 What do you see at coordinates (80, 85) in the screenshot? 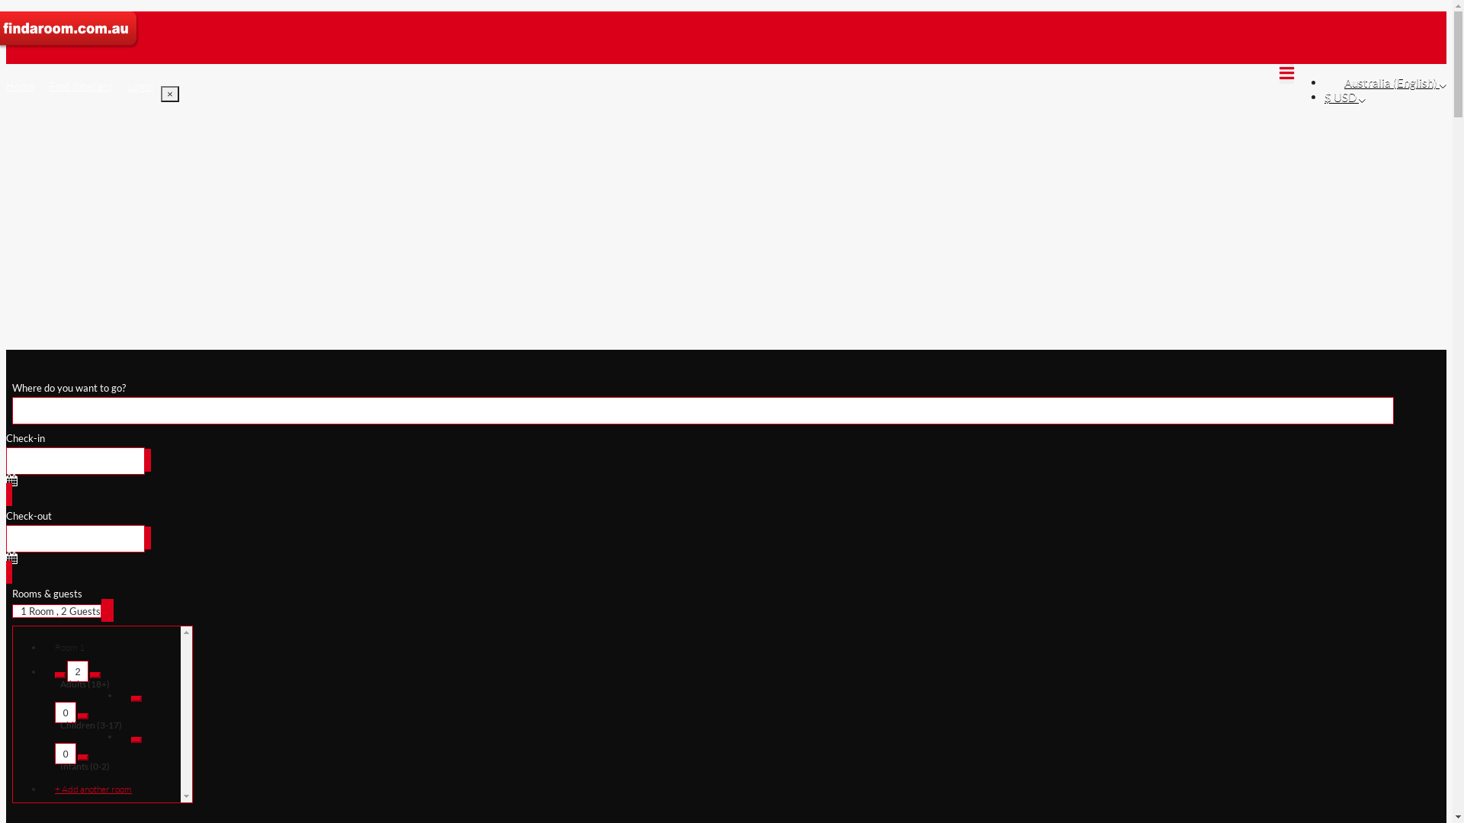
I see `'Find Itinerary'` at bounding box center [80, 85].